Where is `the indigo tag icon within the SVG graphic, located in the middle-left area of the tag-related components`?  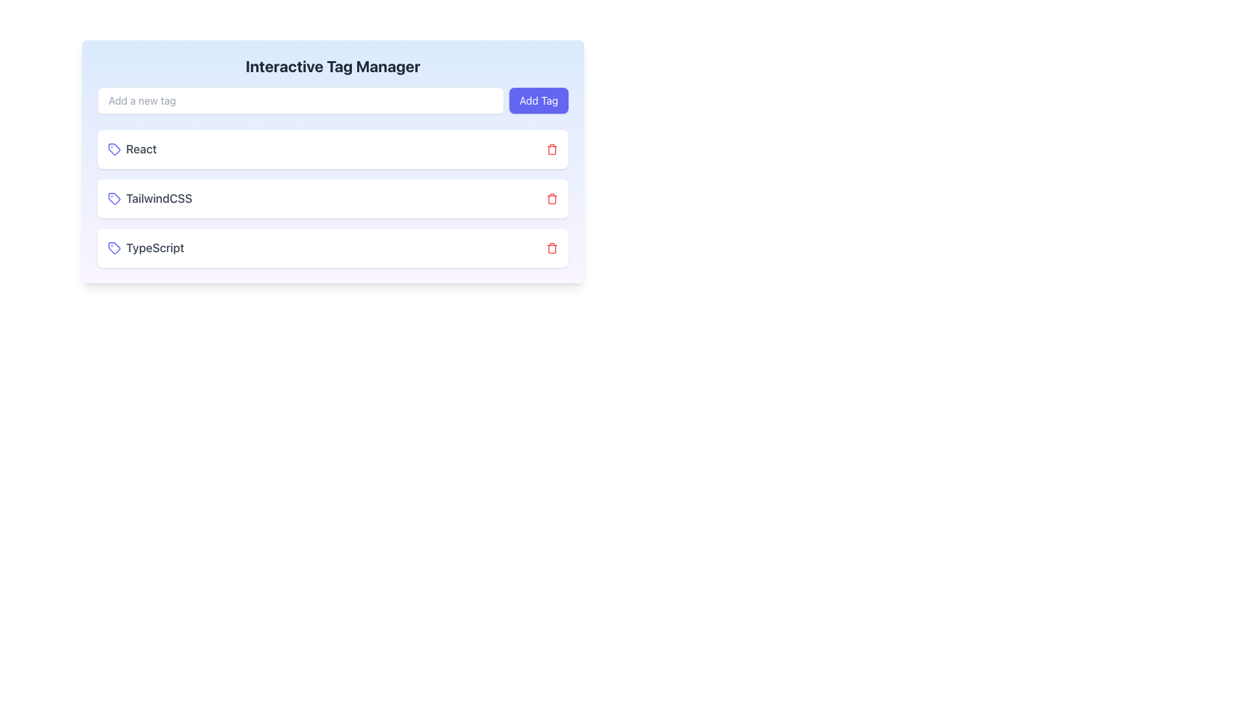 the indigo tag icon within the SVG graphic, located in the middle-left area of the tag-related components is located at coordinates (114, 198).